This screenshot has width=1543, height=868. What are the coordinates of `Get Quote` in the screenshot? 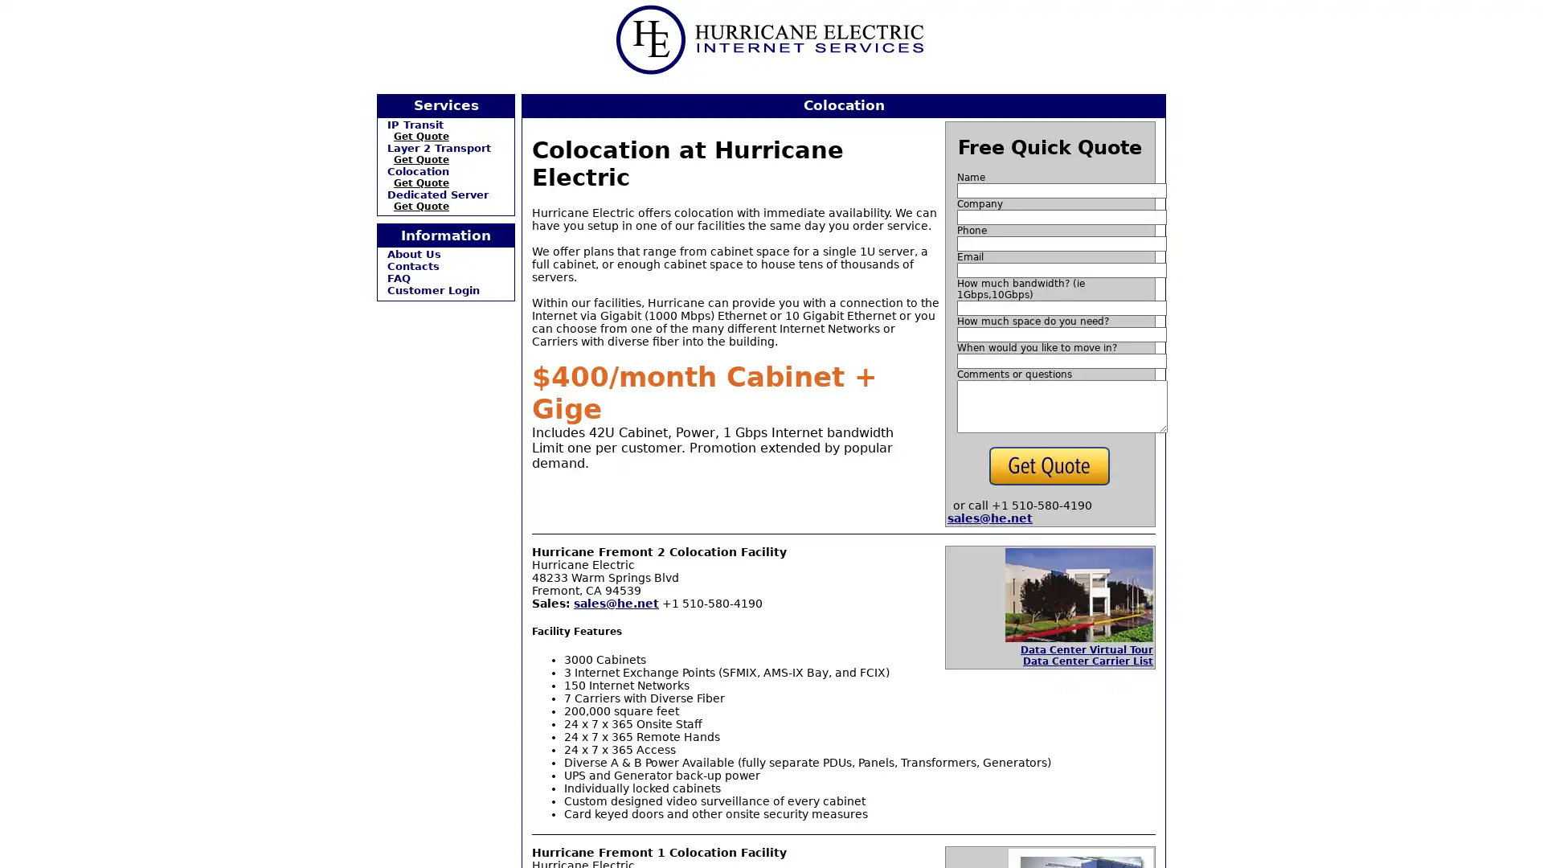 It's located at (1049, 465).